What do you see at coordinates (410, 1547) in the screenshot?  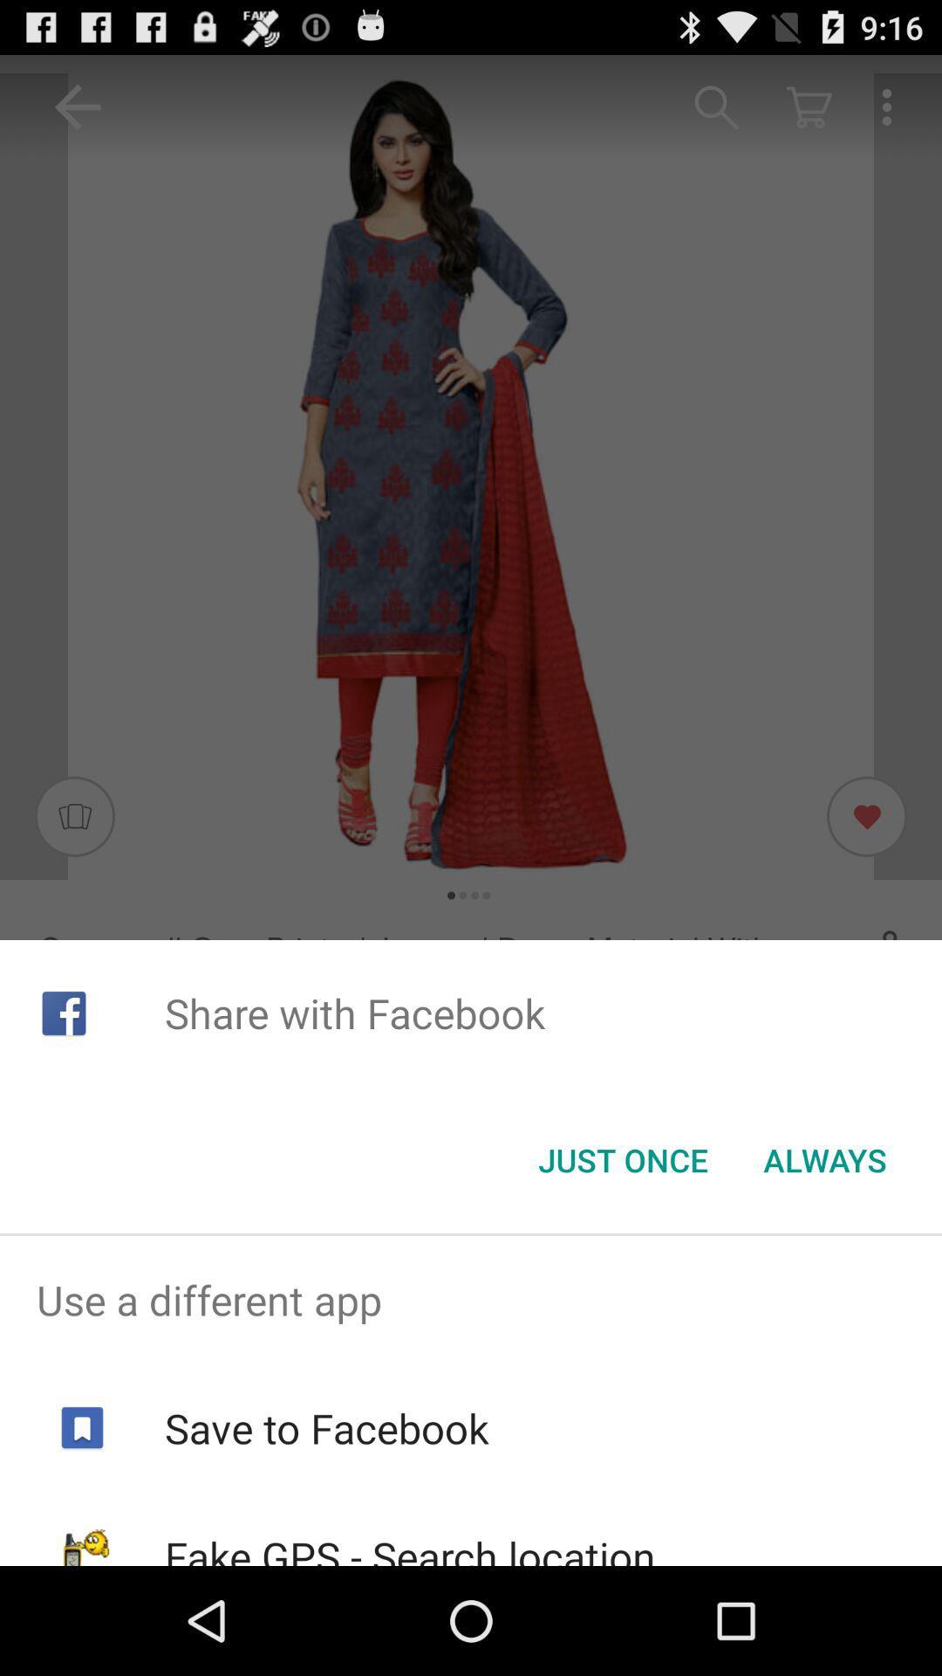 I see `the fake gps search icon` at bounding box center [410, 1547].